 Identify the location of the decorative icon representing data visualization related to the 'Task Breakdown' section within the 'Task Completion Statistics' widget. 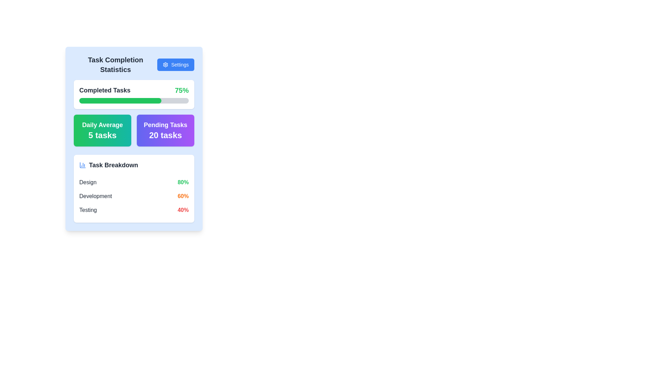
(83, 165).